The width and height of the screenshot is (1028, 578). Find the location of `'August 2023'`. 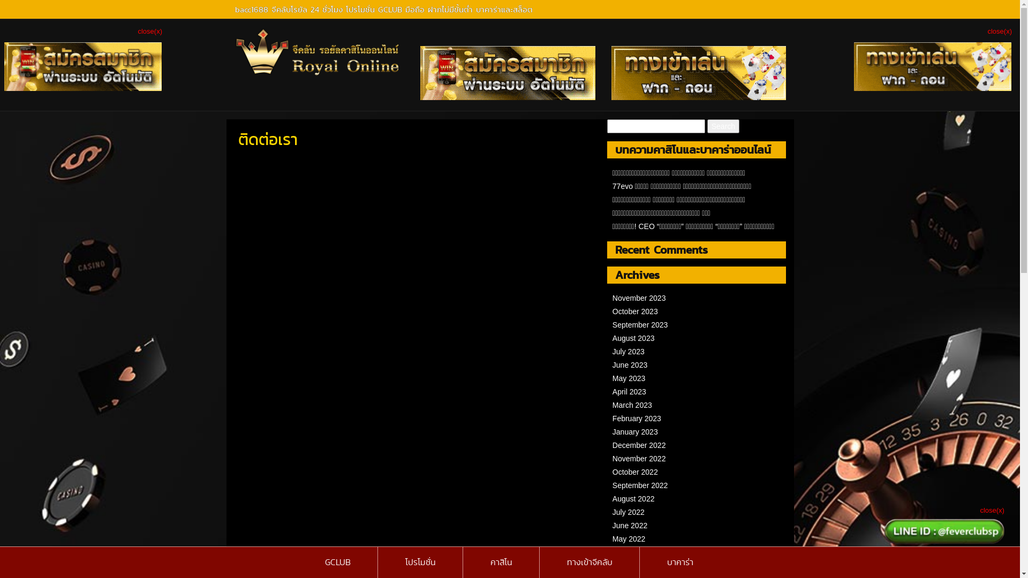

'August 2023' is located at coordinates (612, 338).